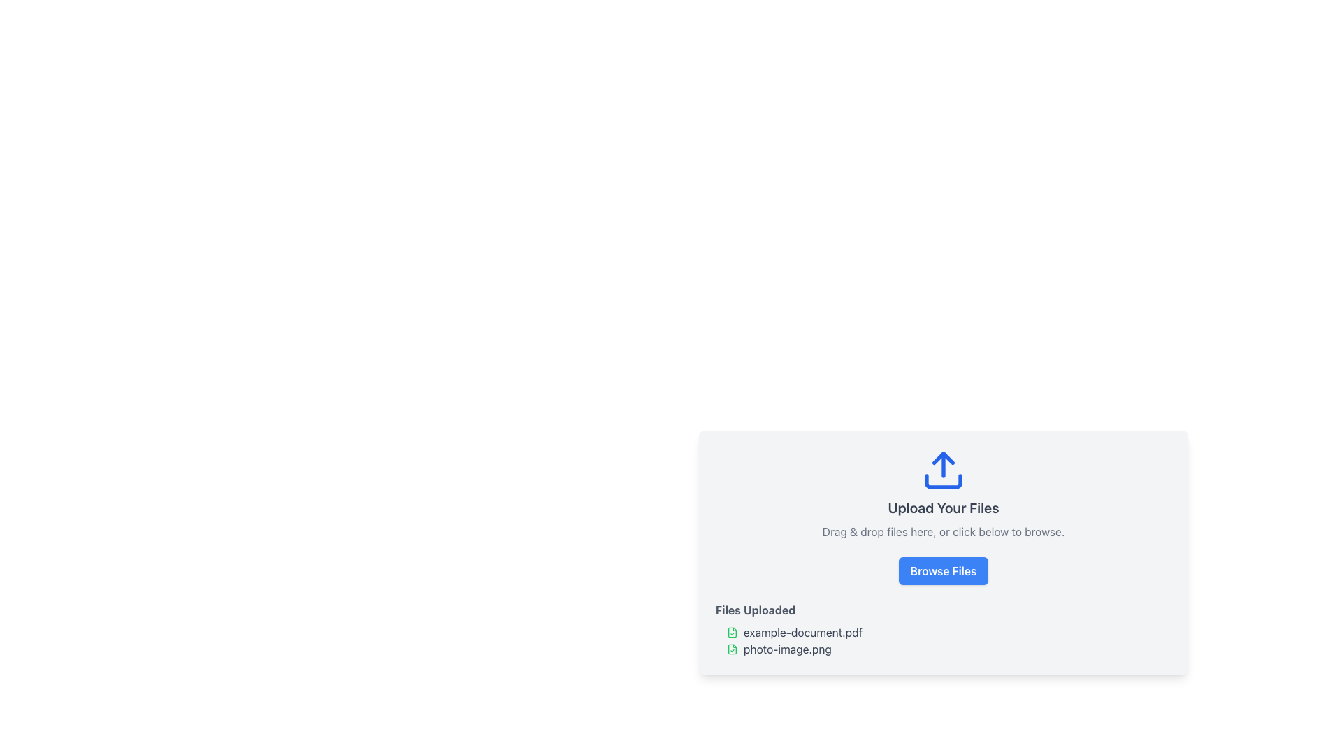  Describe the element at coordinates (787, 649) in the screenshot. I see `the text label representing the filename for an uploaded file in the 'Files Uploaded' section, which is the second item below 'example-document.pdf' and aligned with a green file validation icon` at that location.